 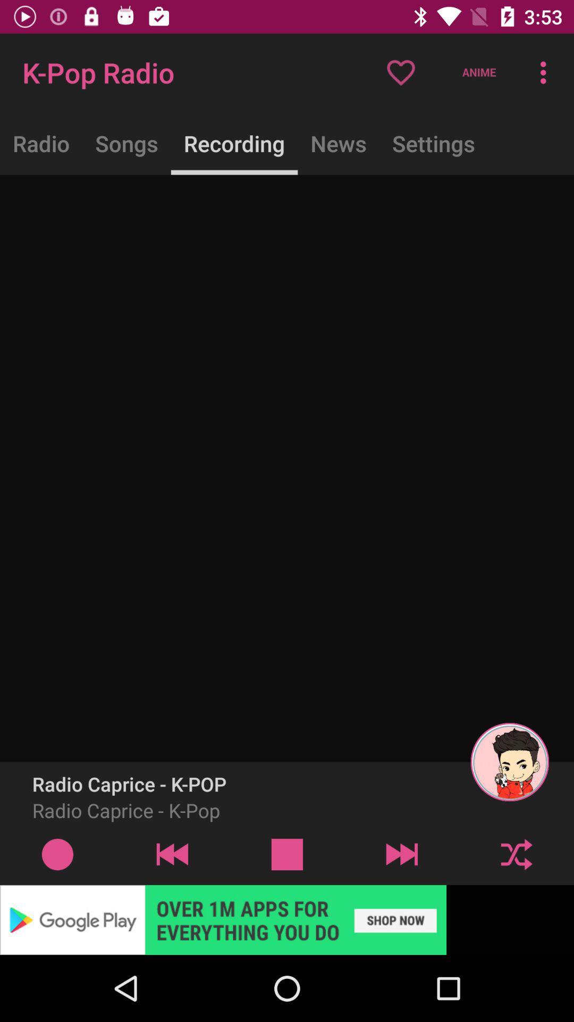 What do you see at coordinates (402, 854) in the screenshot?
I see `move forward icon` at bounding box center [402, 854].